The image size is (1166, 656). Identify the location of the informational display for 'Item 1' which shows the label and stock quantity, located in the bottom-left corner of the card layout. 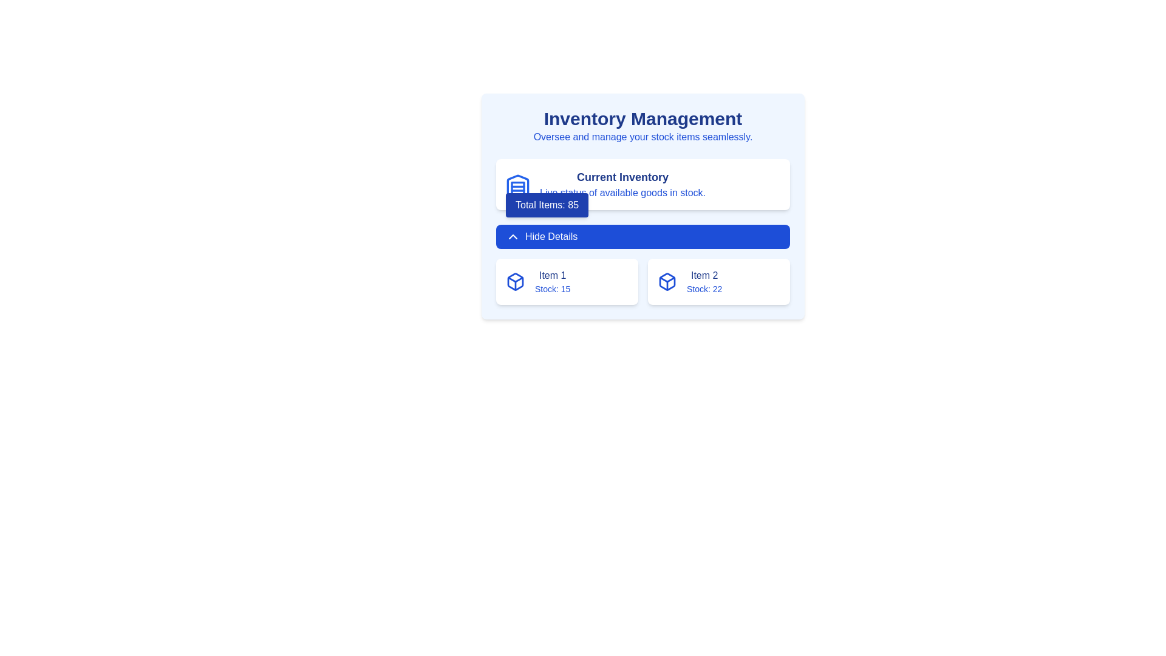
(552, 281).